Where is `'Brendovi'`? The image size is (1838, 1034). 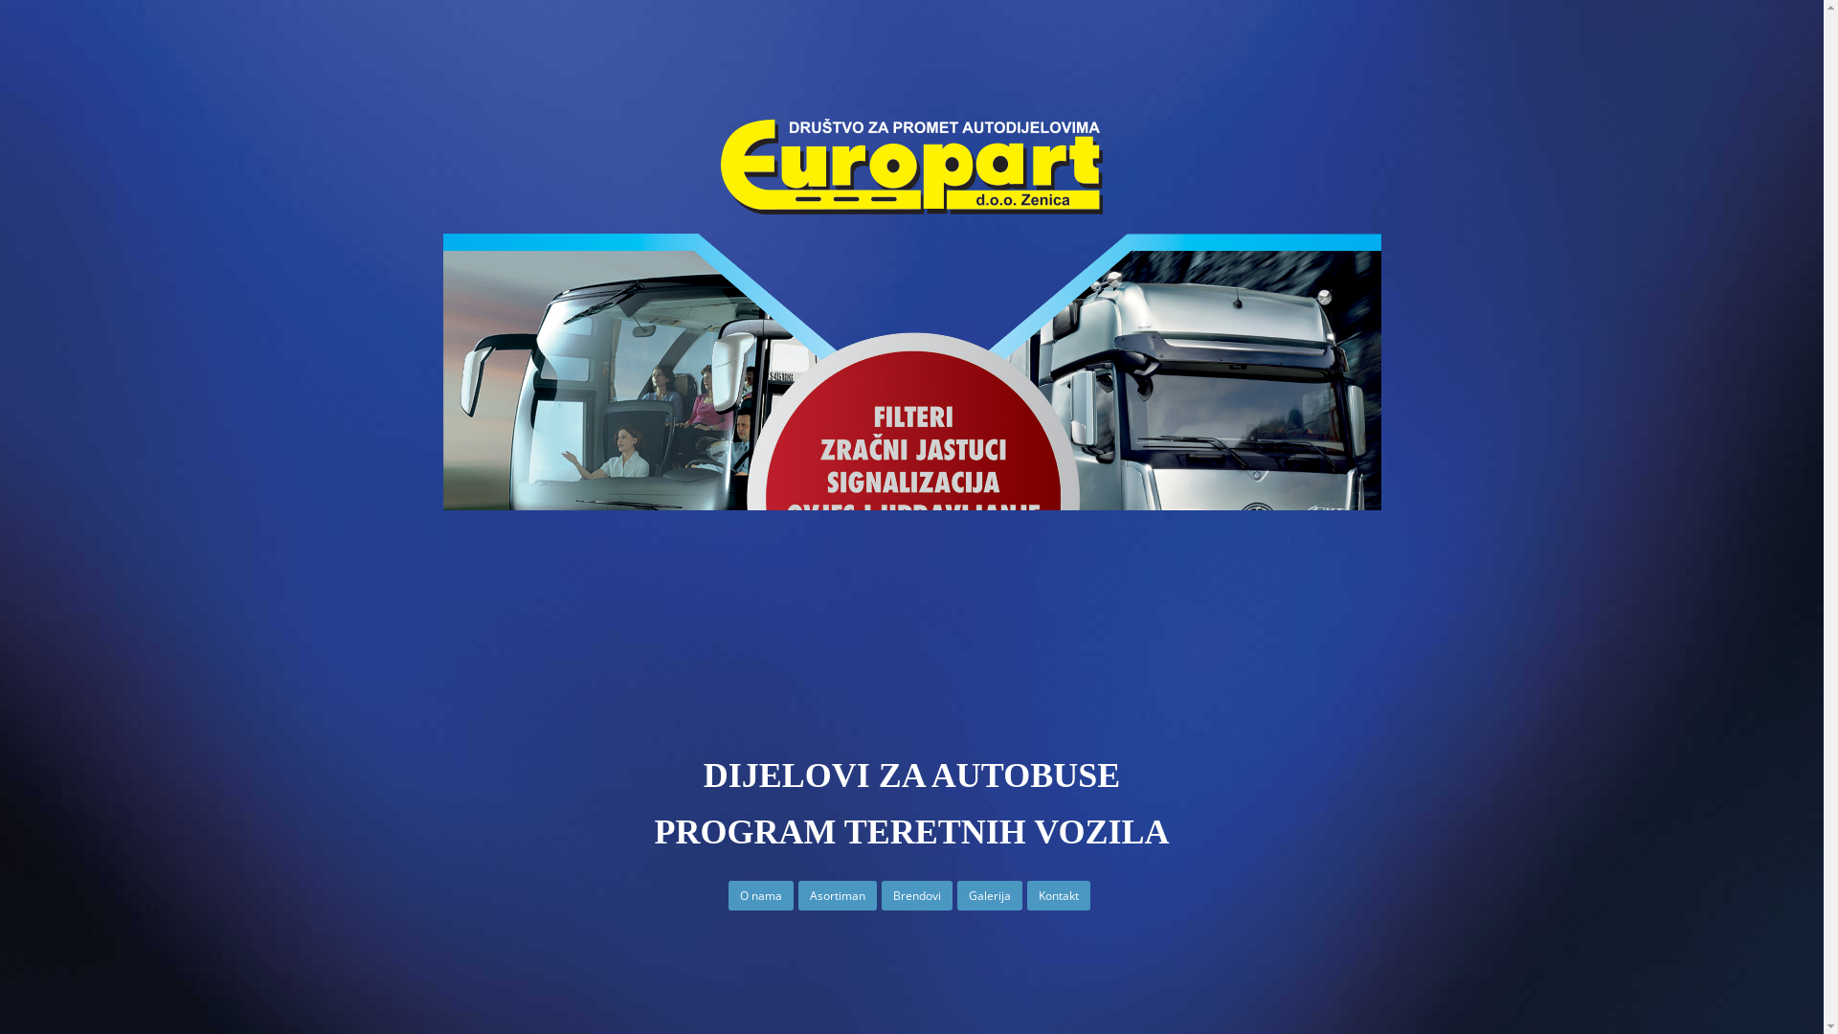
'Brendovi' is located at coordinates (881, 896).